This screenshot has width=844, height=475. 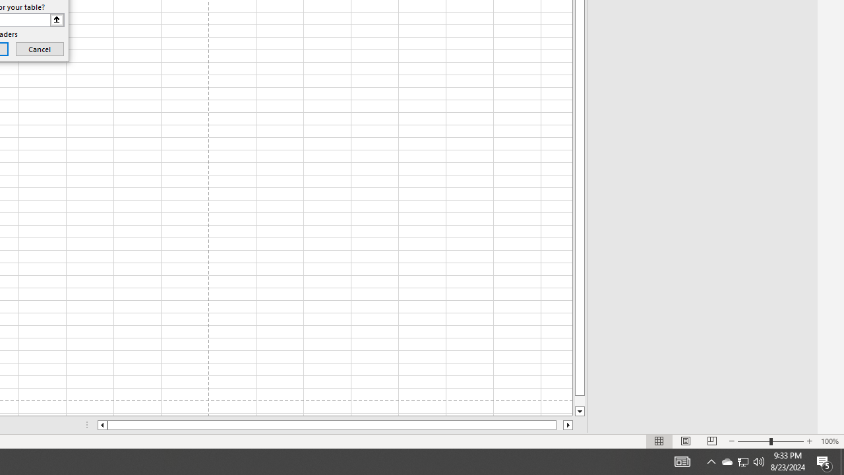 What do you see at coordinates (335, 425) in the screenshot?
I see `'Class: NetUIScrollBar'` at bounding box center [335, 425].